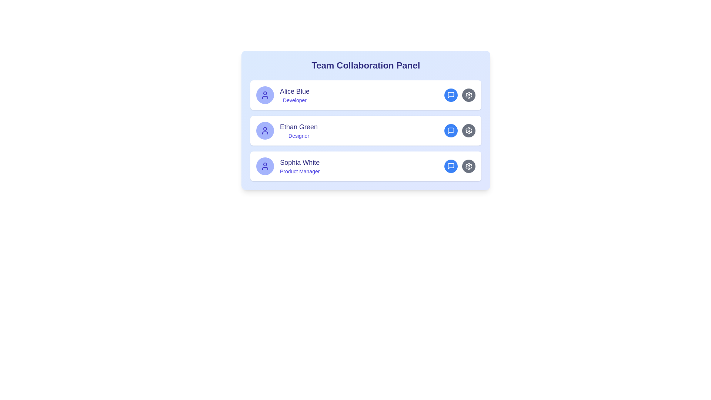 Image resolution: width=711 pixels, height=400 pixels. I want to click on the settings icon located in the third row of the list layout, which is positioned to the far right edge next to a blue chat bubble icon, so click(468, 166).